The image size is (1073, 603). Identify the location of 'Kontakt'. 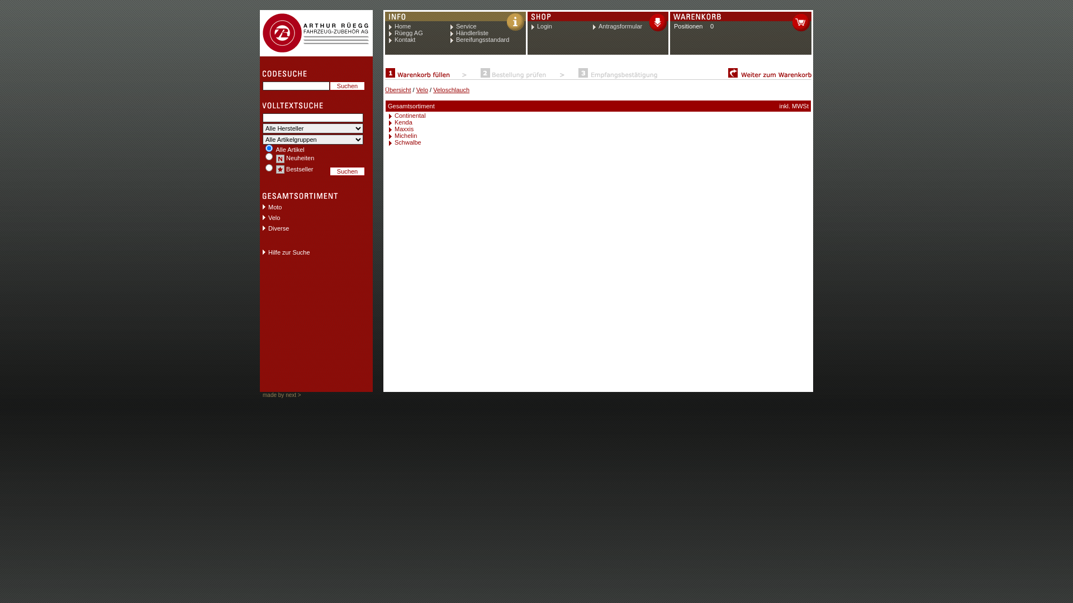
(419, 39).